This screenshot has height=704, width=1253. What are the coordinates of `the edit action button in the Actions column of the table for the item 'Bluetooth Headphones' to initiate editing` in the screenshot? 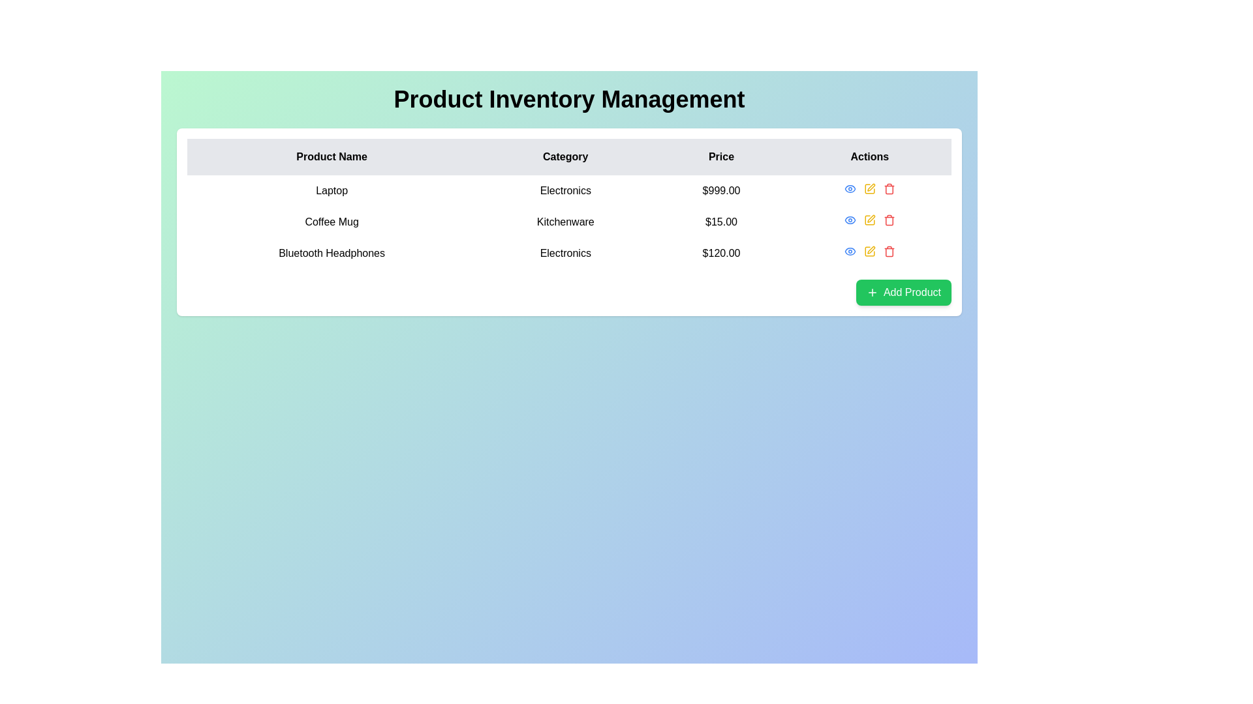 It's located at (869, 251).